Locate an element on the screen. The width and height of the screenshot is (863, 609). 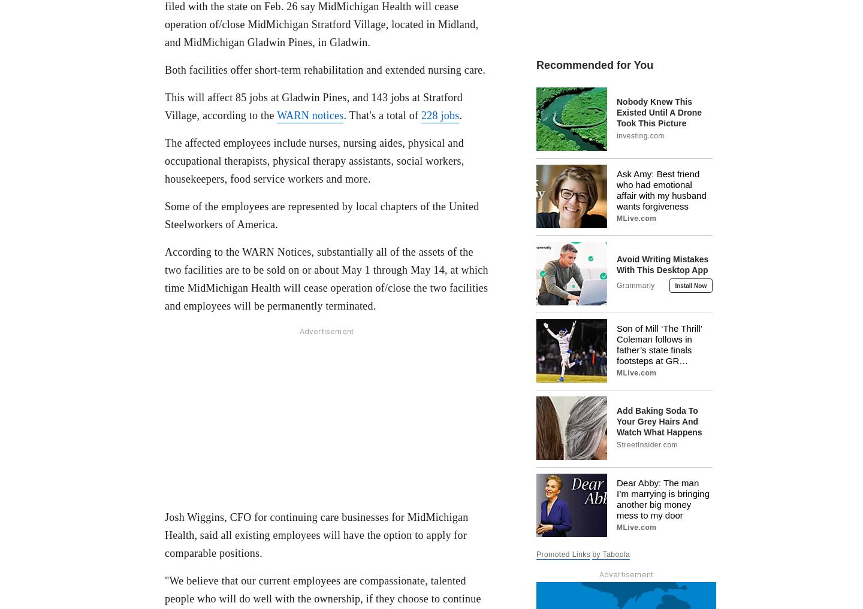
'According to the WARN Notices, substantially all of the assets of the two facilities are to be sold on or about May 1 through May 14, at which time MidMichigan Health will cease operation of/close the two facilities and employees will be permanently terminated.' is located at coordinates (326, 277).